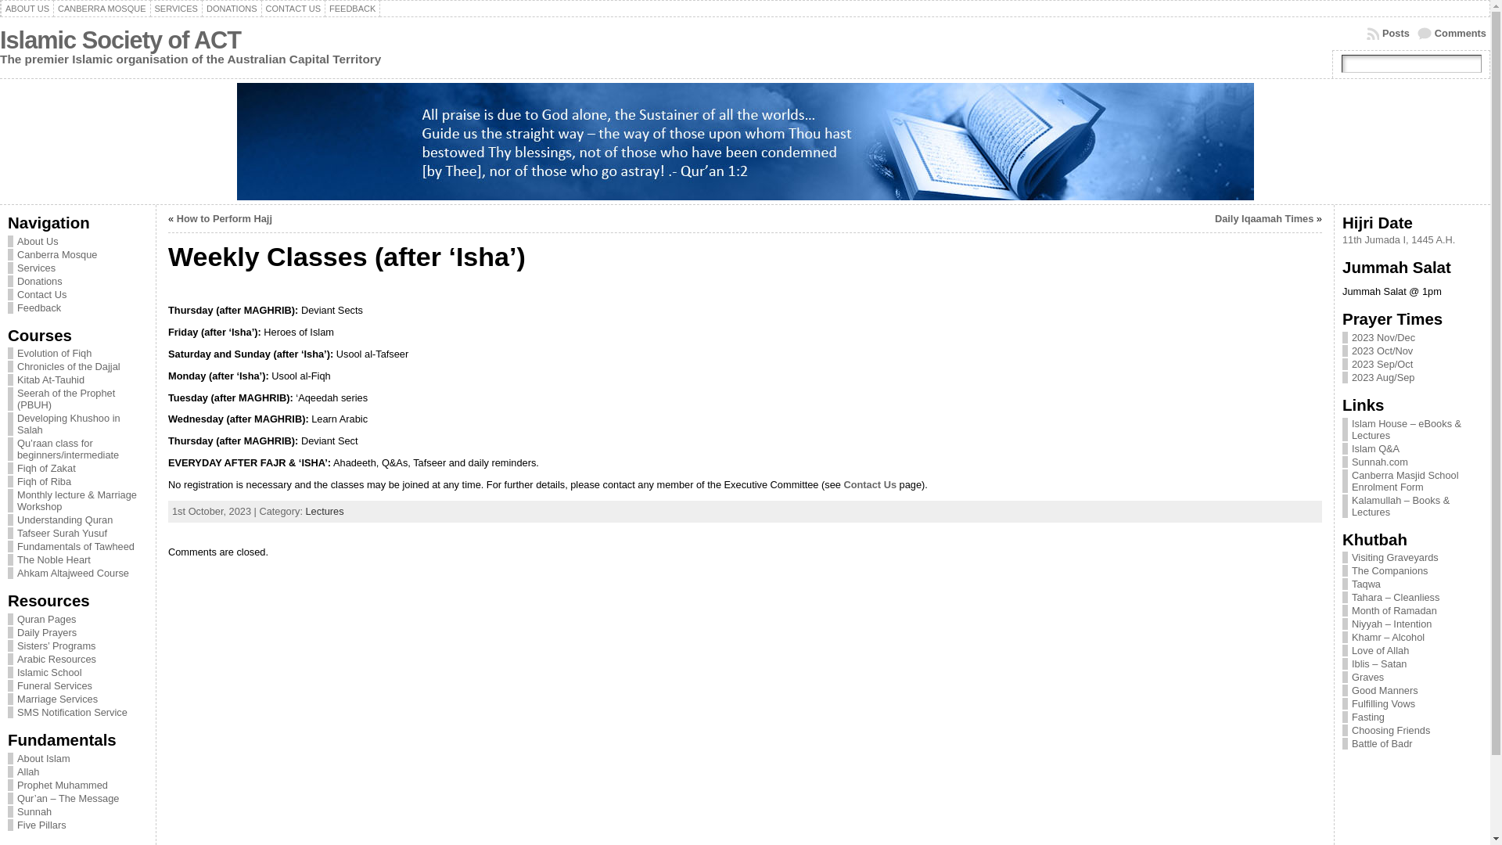  What do you see at coordinates (7, 757) in the screenshot?
I see `'About Islam'` at bounding box center [7, 757].